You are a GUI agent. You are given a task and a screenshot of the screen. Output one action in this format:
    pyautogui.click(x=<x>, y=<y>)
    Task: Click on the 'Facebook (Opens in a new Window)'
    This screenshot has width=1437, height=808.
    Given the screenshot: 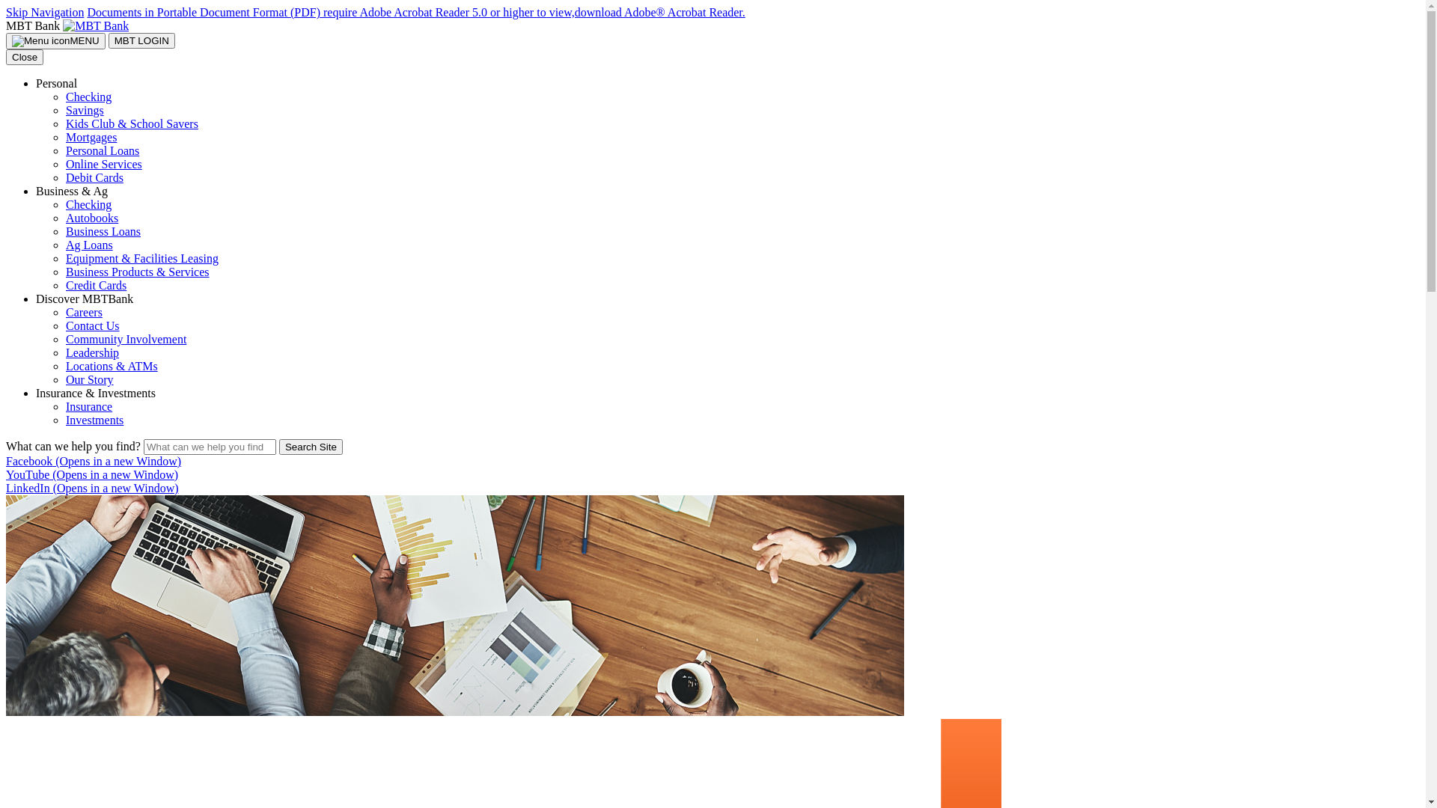 What is the action you would take?
    pyautogui.click(x=92, y=460)
    